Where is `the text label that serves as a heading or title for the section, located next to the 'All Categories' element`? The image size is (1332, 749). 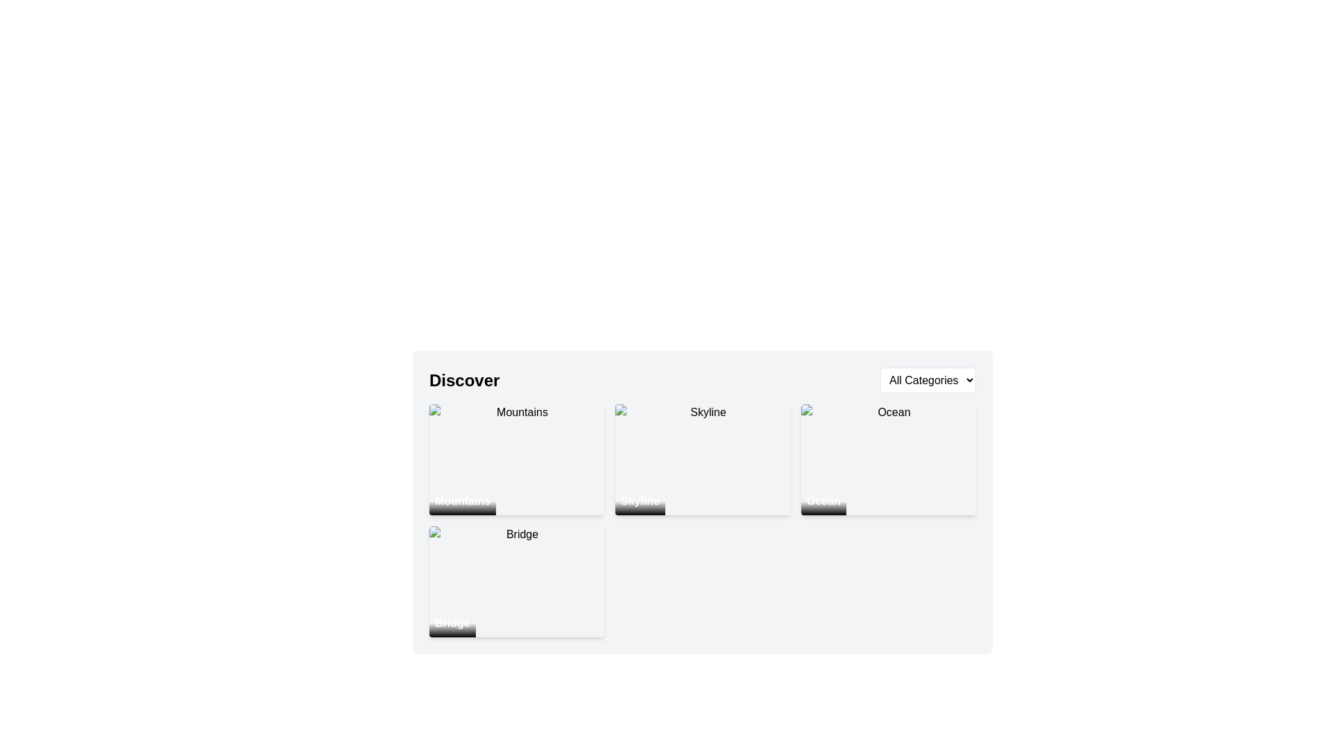 the text label that serves as a heading or title for the section, located next to the 'All Categories' element is located at coordinates (464, 380).